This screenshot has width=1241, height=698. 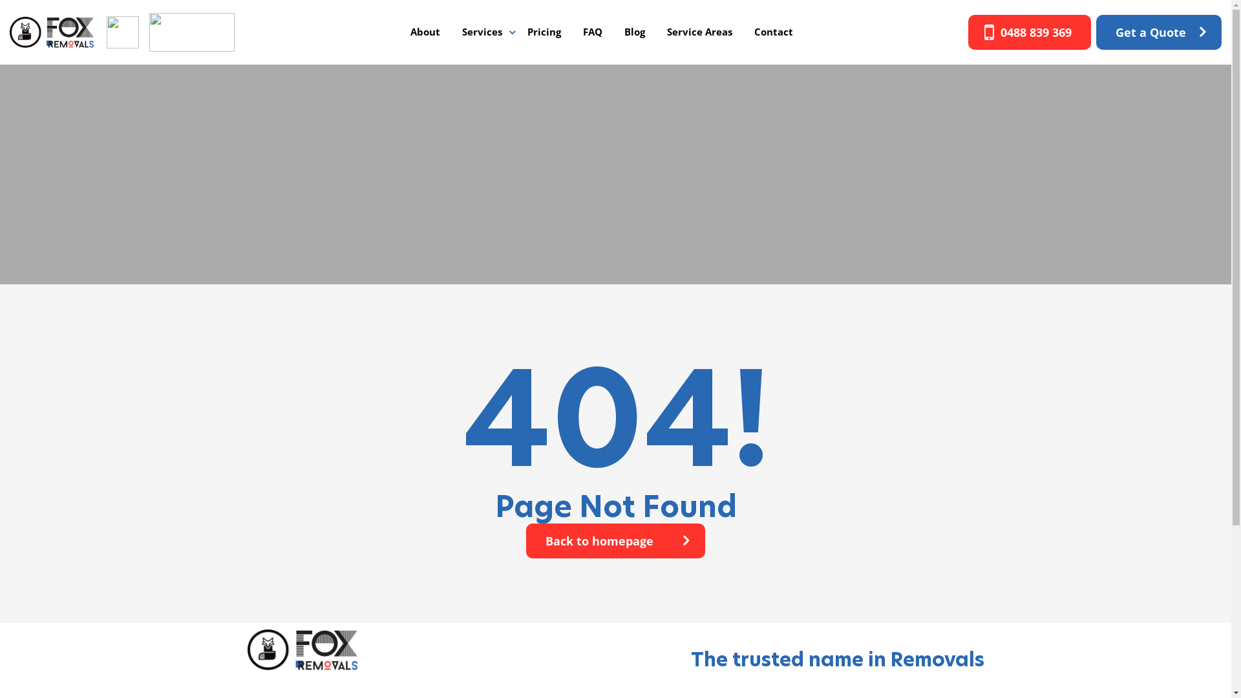 What do you see at coordinates (1029, 32) in the screenshot?
I see `'0488 839 369'` at bounding box center [1029, 32].